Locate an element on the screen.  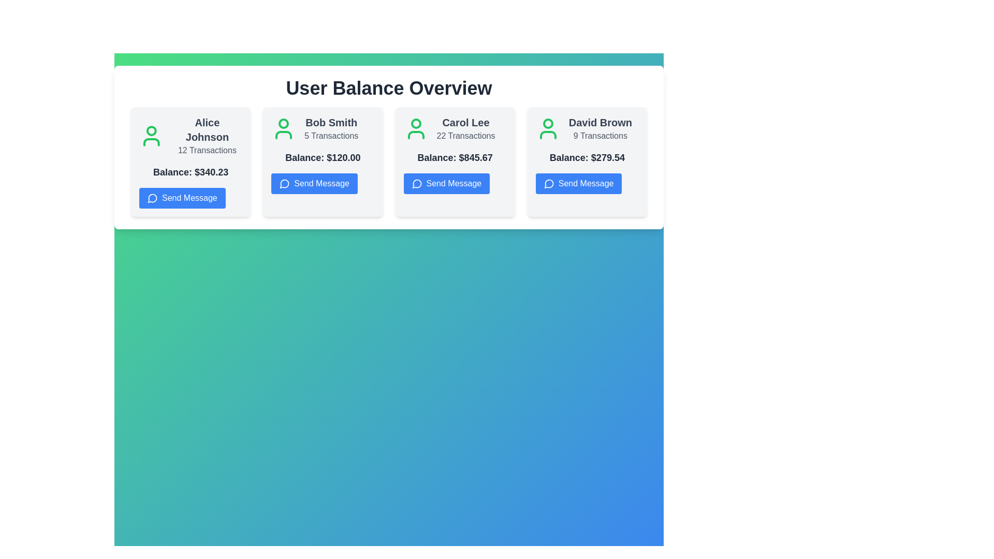
the informational text label displaying '9 Transactions' related to user 'David Brown', located in the fourth card of user cards, positioned below the green user icon and above the blue 'Send Message' button is located at coordinates (600, 128).